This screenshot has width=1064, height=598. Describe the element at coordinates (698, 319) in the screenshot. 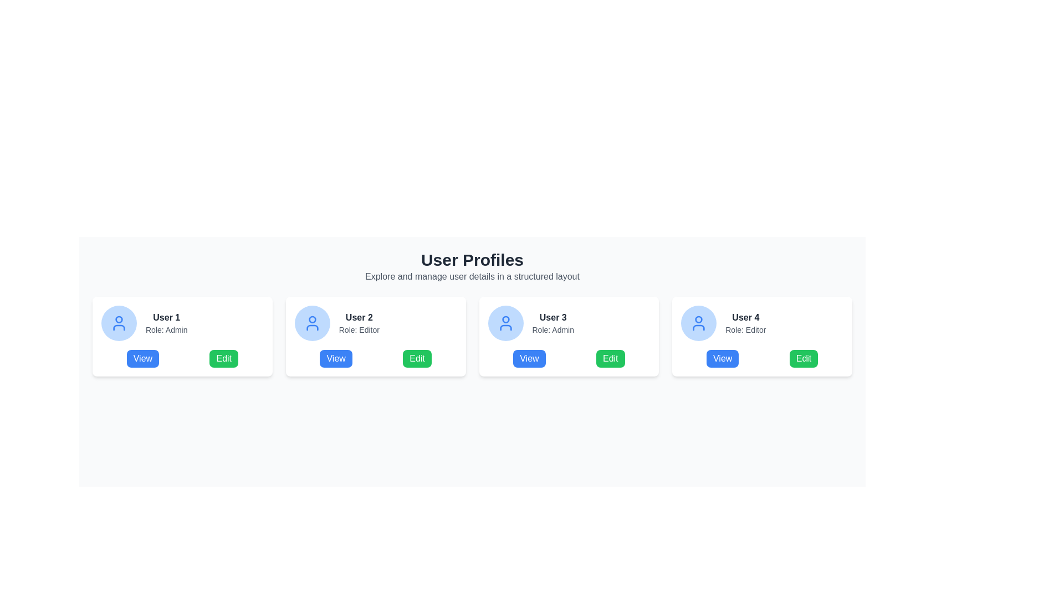

I see `the circular icon resembling a profile picture or avatar located in the top-left corner of the card labeled 'User 4: Role Editor'` at that location.